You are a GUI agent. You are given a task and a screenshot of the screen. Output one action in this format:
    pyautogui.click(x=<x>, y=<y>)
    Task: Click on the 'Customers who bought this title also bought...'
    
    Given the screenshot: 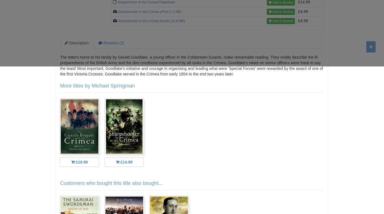 What is the action you would take?
    pyautogui.click(x=60, y=183)
    